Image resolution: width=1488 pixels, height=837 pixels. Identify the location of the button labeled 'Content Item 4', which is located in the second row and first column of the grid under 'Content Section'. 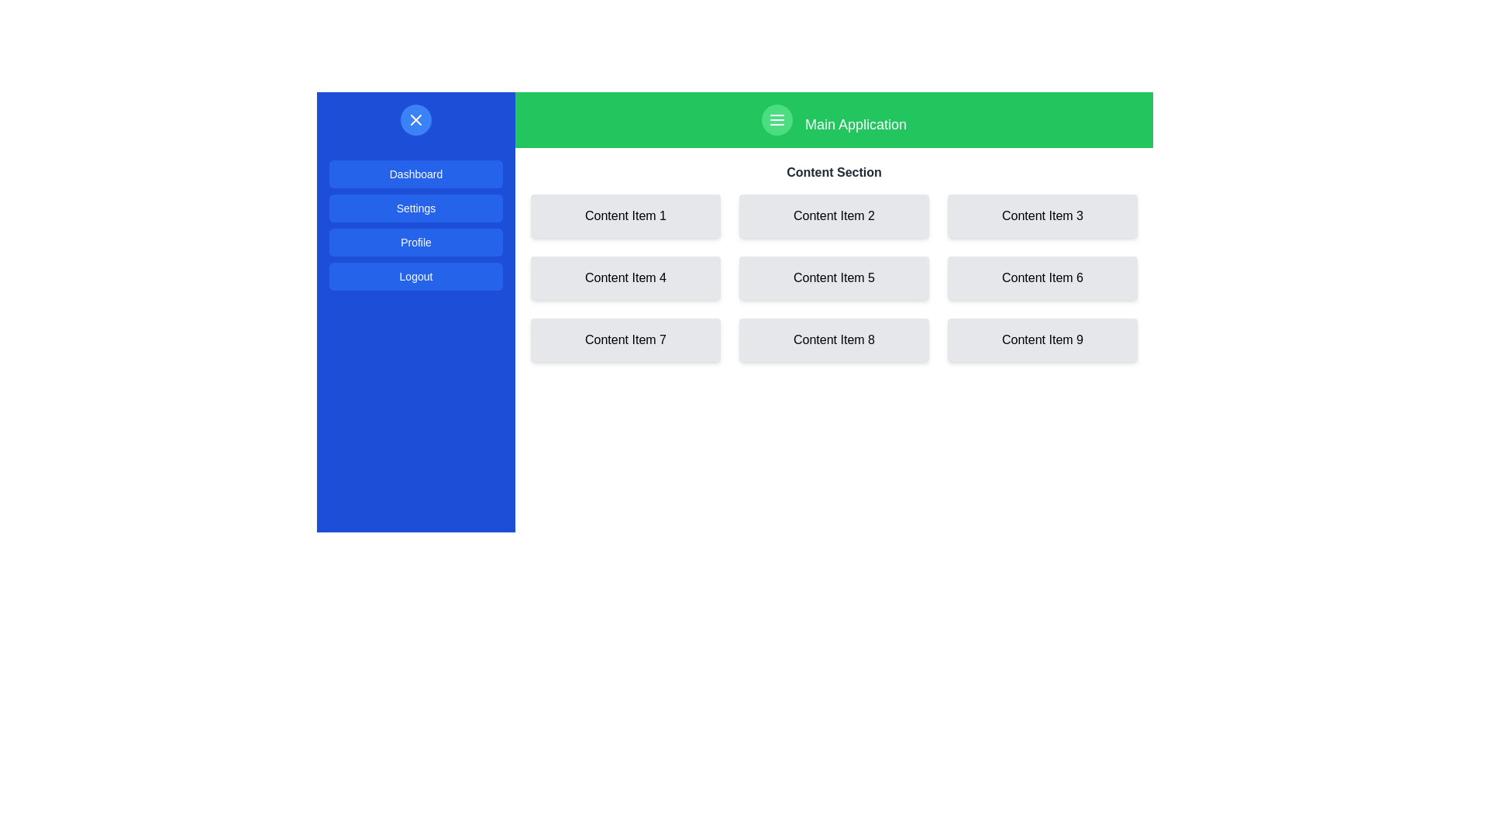
(625, 277).